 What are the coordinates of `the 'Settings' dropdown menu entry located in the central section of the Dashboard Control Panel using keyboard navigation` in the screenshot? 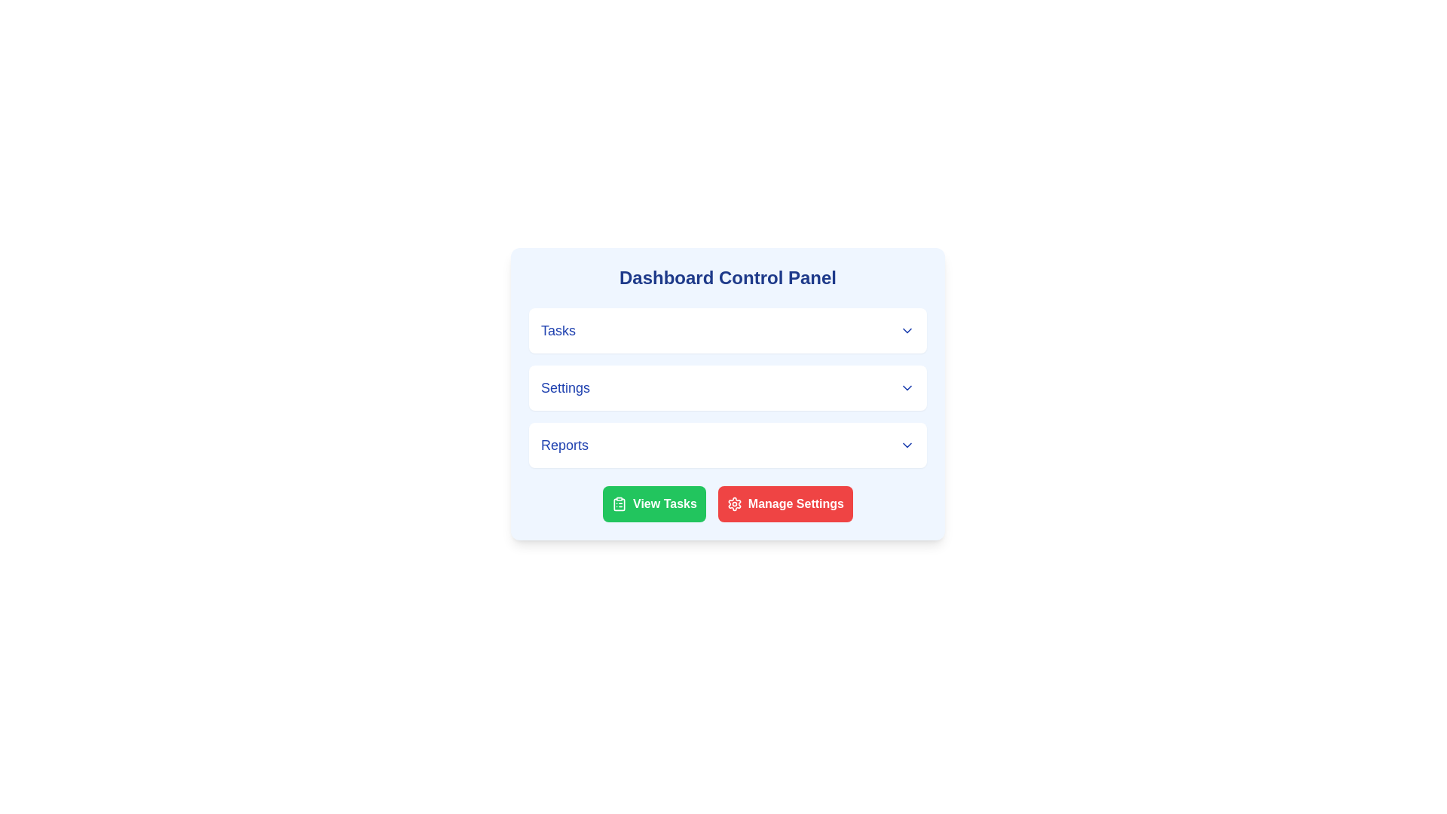 It's located at (727, 387).